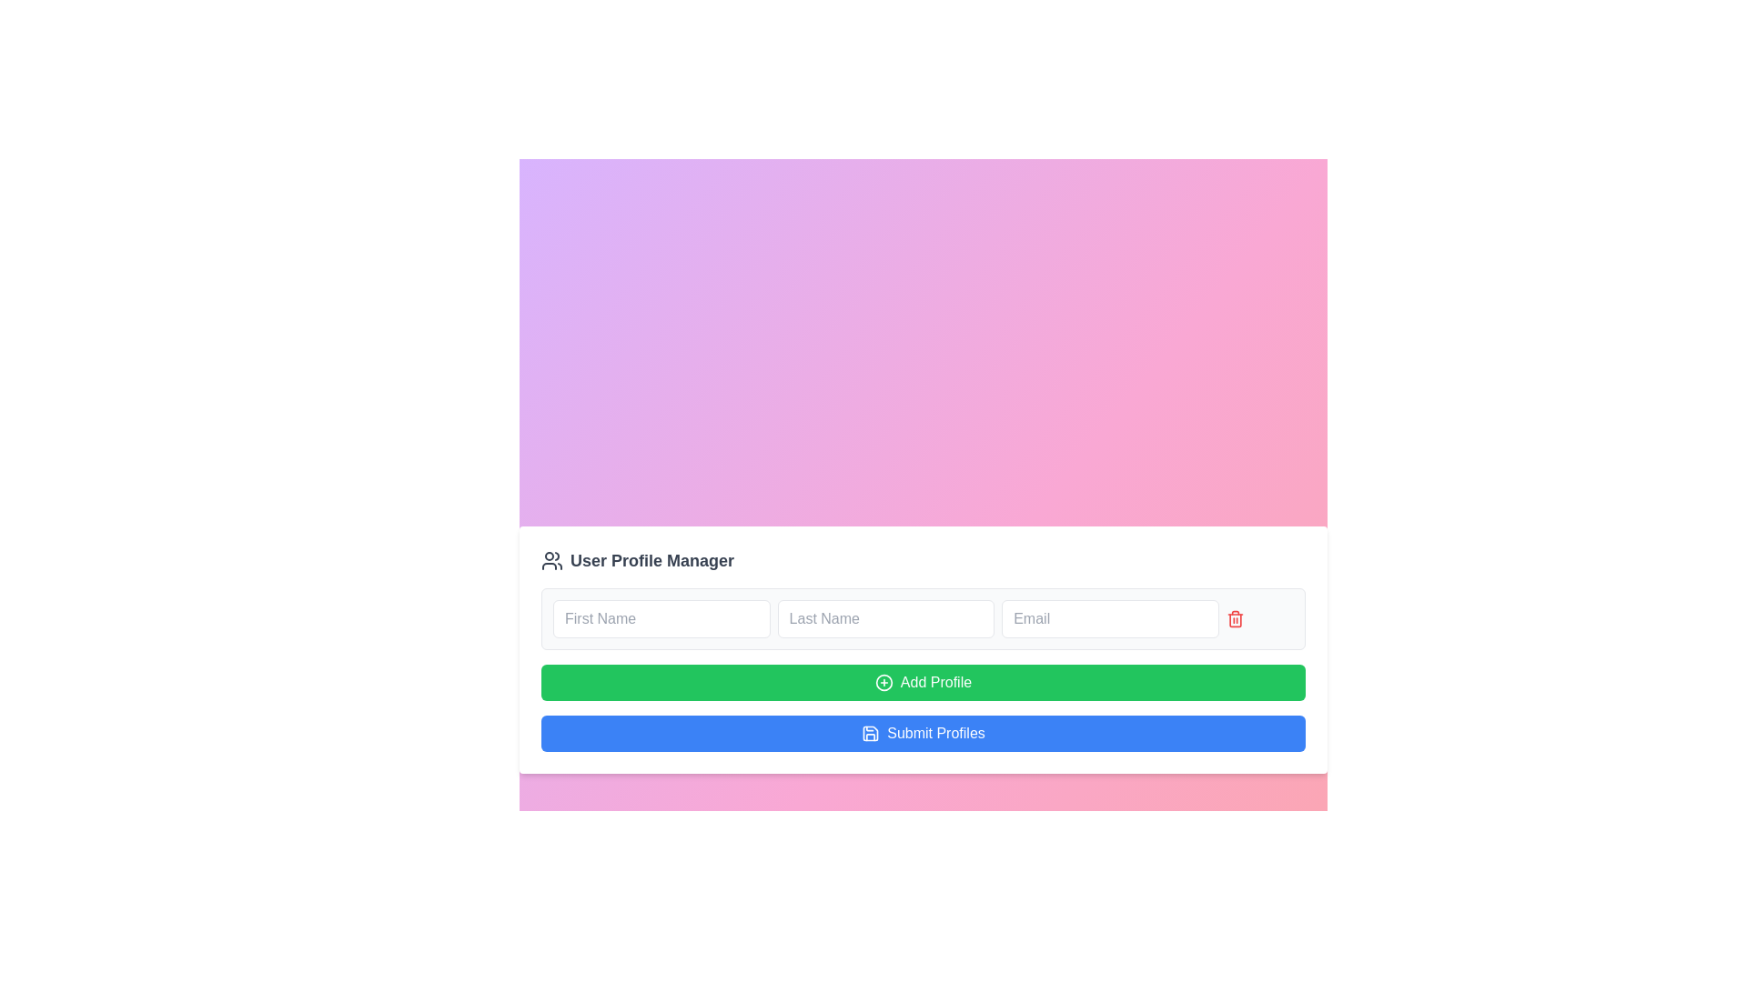  Describe the element at coordinates (870, 732) in the screenshot. I see `the 'Submit Profiles' button by clicking on the icon that represents saving or submitting profiles, located towards the left side of the button's text label` at that location.